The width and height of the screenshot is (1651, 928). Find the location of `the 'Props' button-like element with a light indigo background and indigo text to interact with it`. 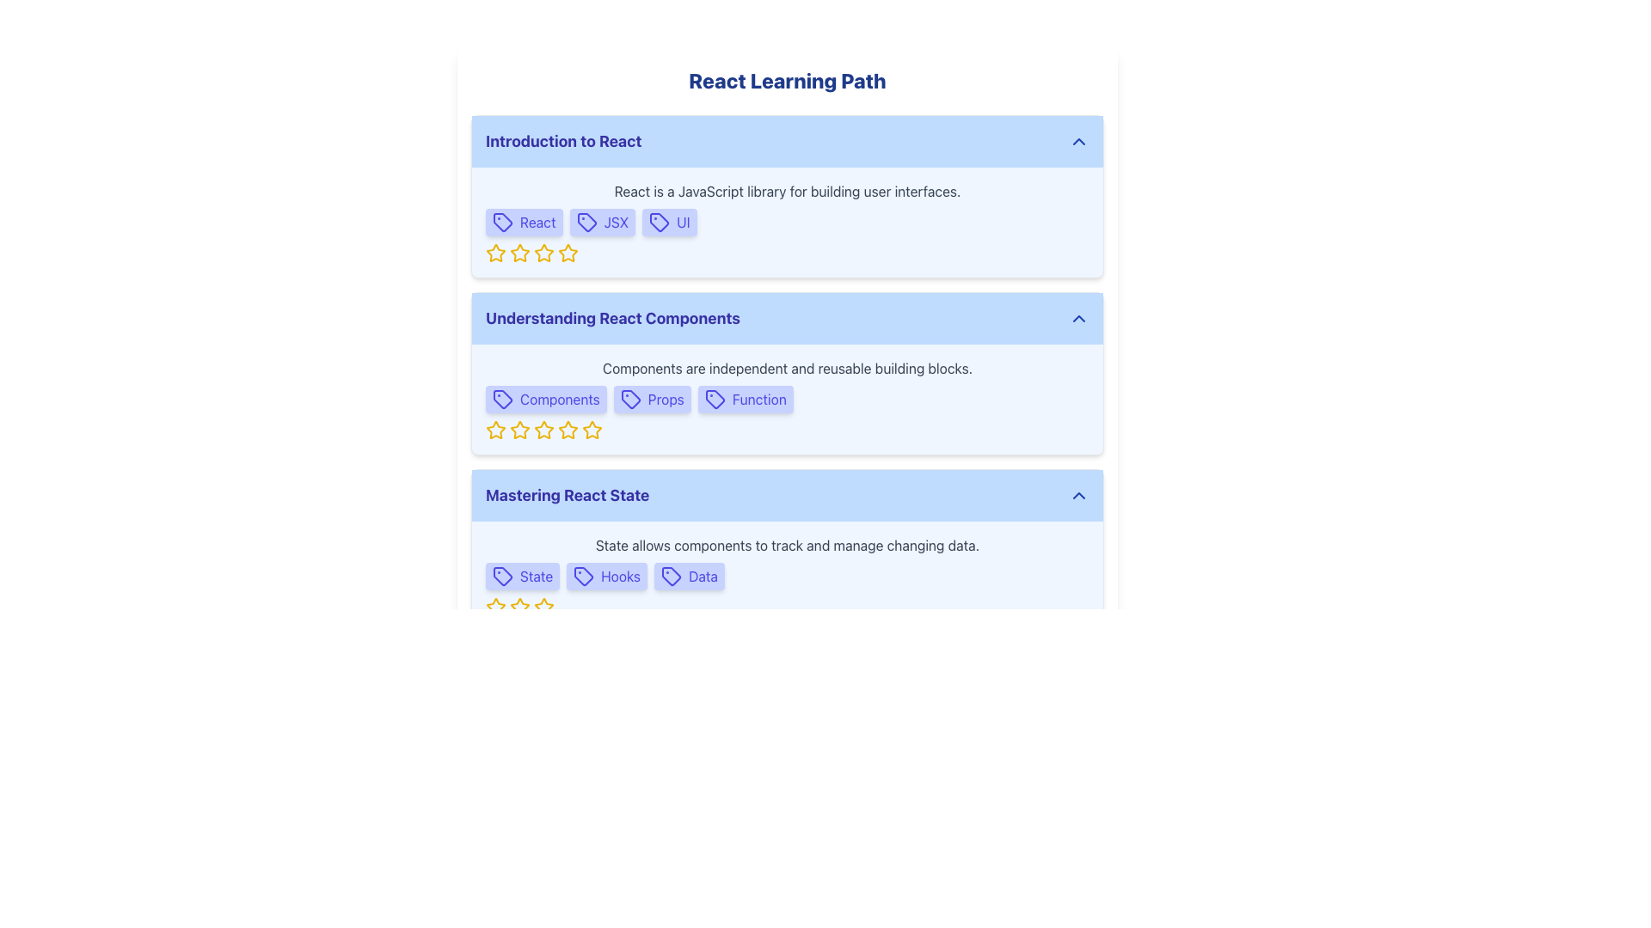

the 'Props' button-like element with a light indigo background and indigo text to interact with it is located at coordinates (651, 400).